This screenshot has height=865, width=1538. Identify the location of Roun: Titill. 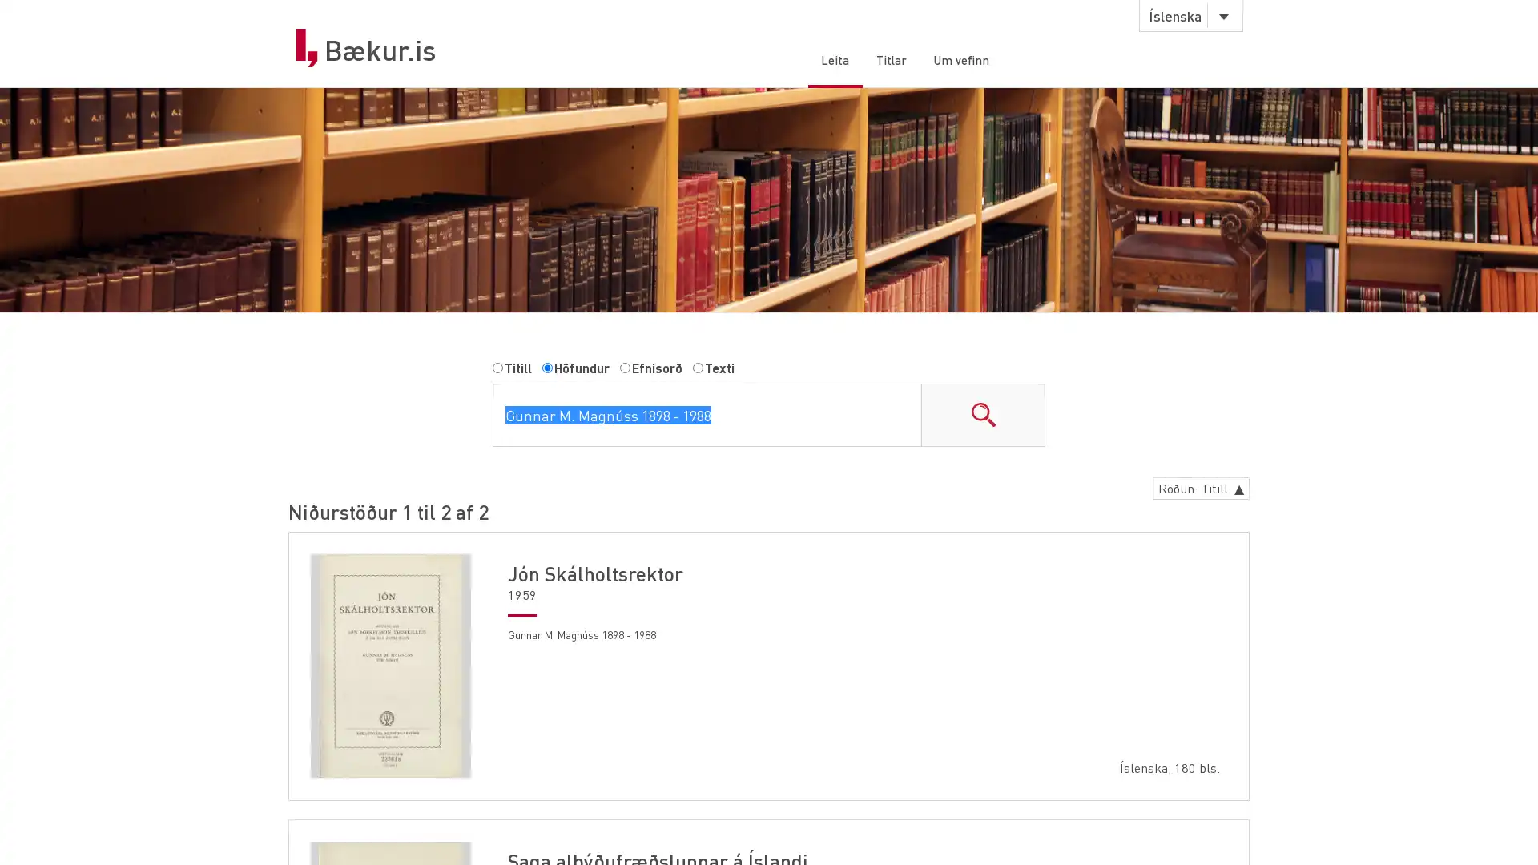
(1196, 490).